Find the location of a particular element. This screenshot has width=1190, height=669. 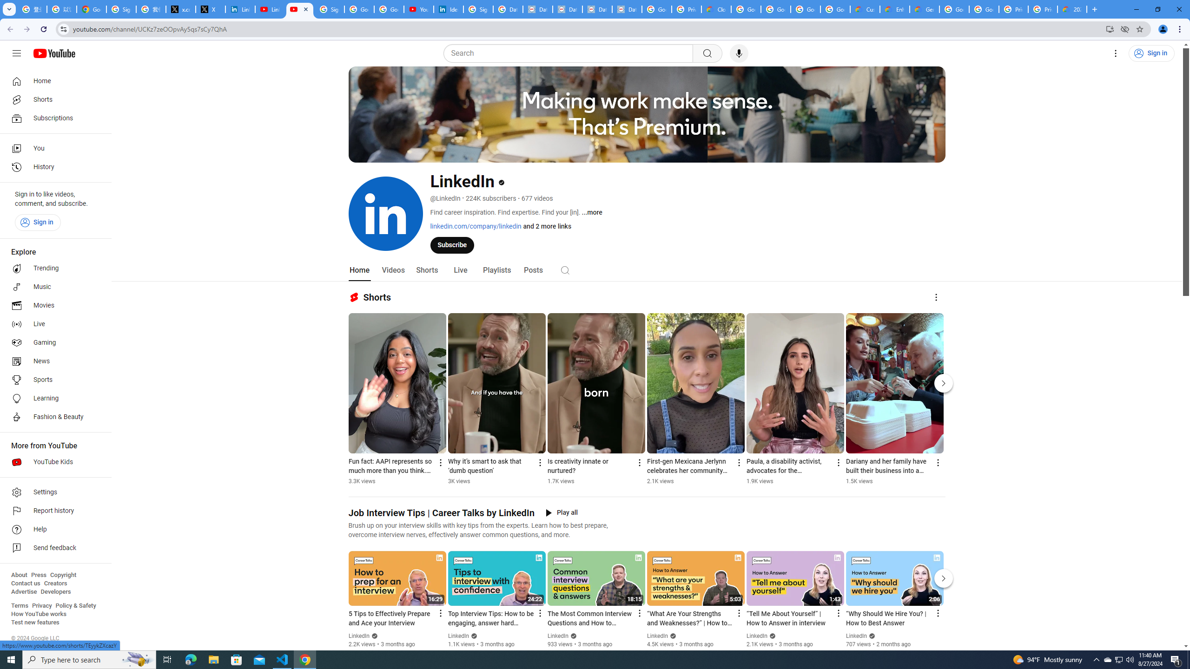

'History' is located at coordinates (53, 167).